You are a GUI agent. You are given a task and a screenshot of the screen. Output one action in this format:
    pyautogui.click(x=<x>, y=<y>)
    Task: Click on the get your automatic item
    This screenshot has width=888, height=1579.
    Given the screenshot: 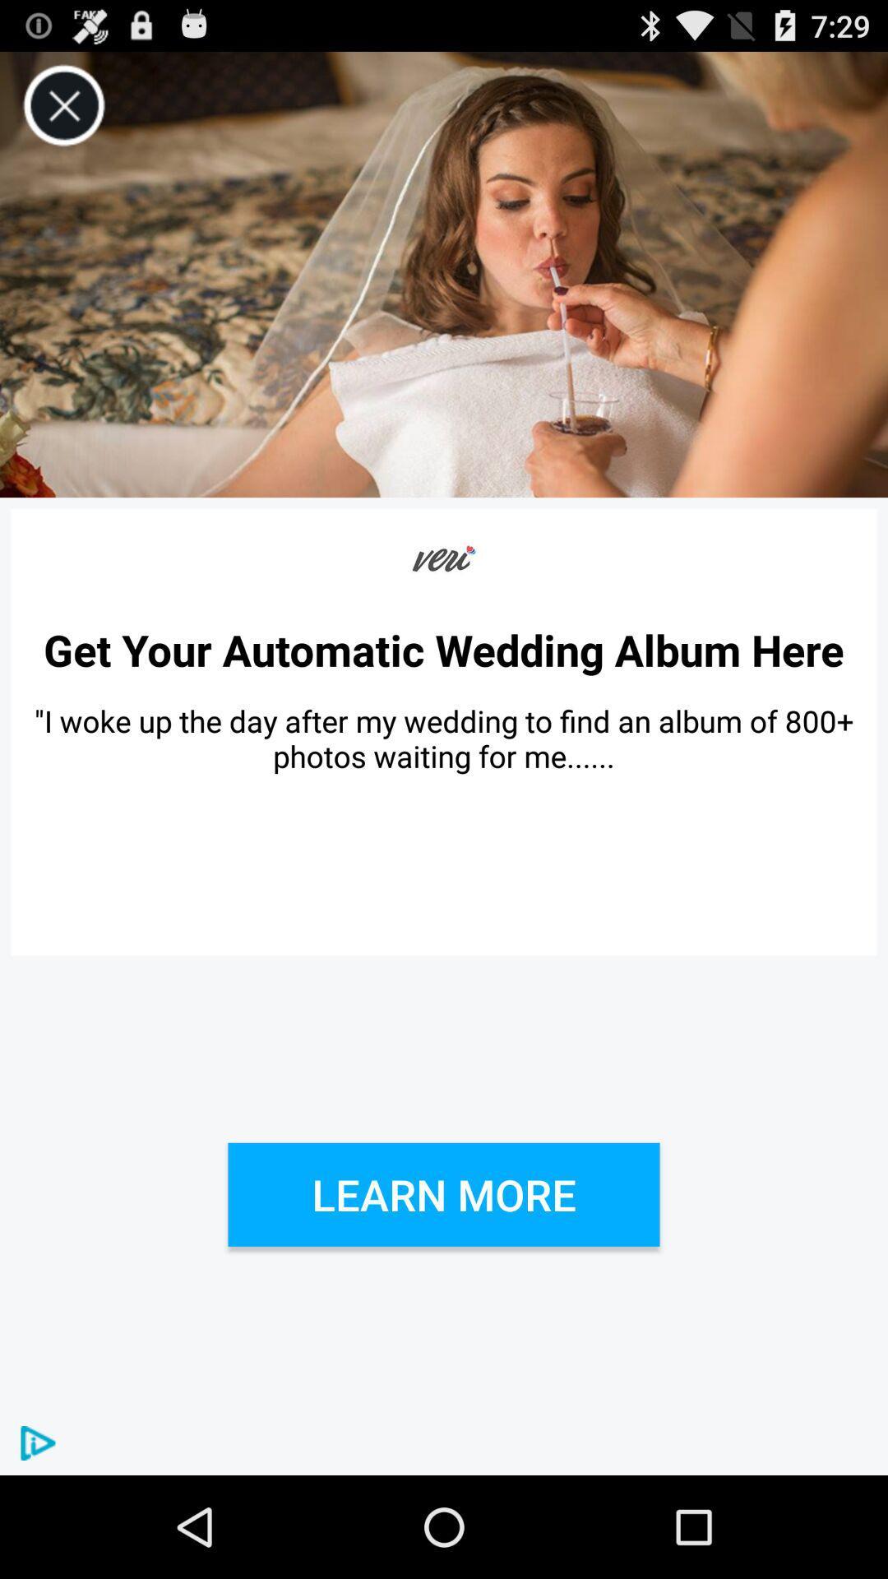 What is the action you would take?
    pyautogui.click(x=444, y=649)
    